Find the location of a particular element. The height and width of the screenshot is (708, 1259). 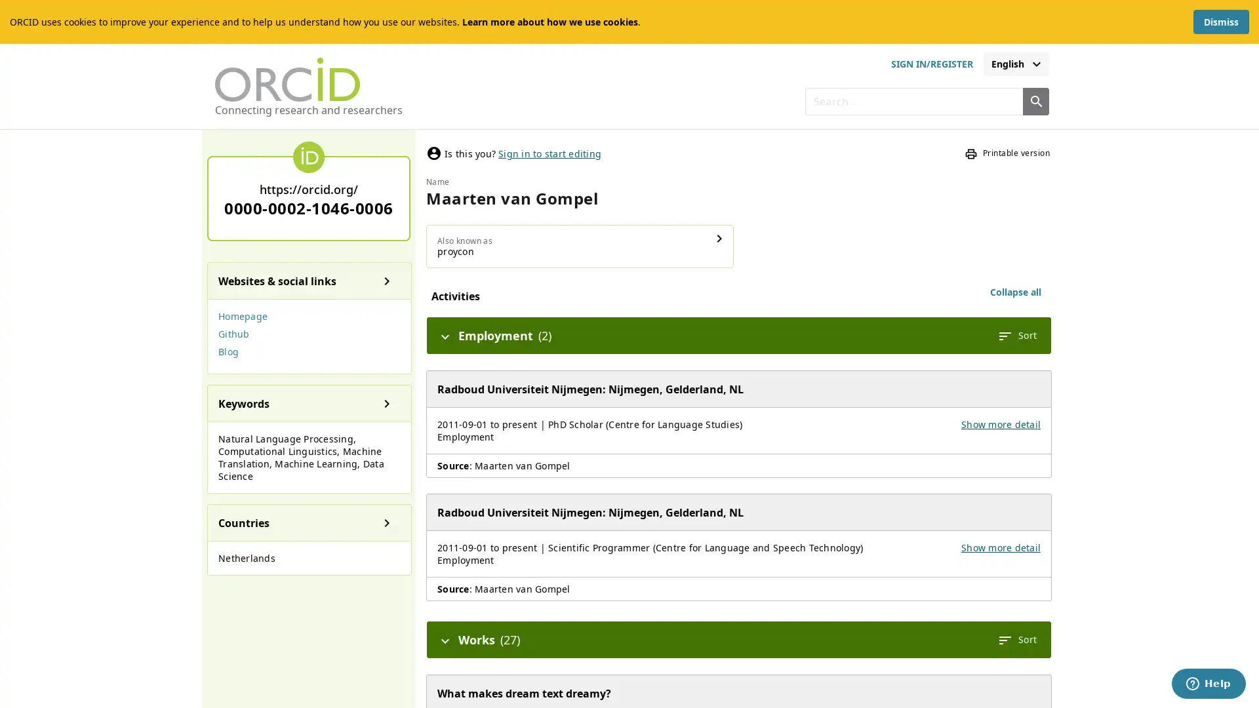

sign in or register is located at coordinates (930, 64).